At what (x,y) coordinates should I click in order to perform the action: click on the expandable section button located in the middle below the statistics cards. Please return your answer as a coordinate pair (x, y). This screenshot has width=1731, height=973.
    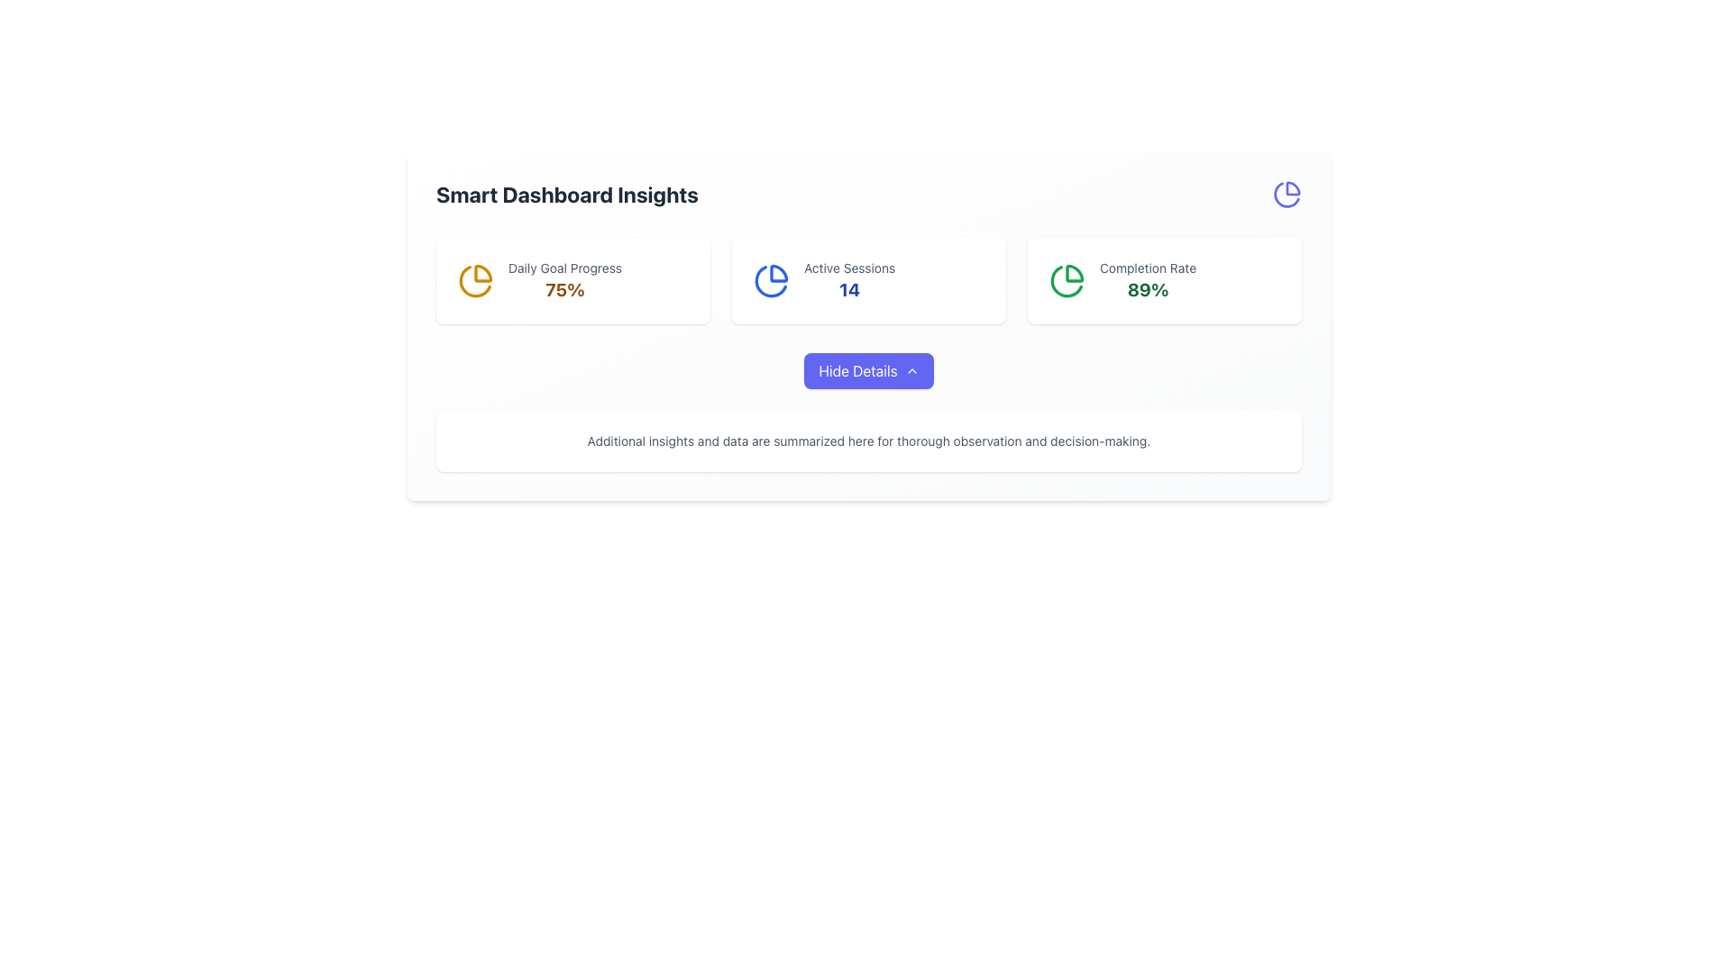
    Looking at the image, I should click on (869, 413).